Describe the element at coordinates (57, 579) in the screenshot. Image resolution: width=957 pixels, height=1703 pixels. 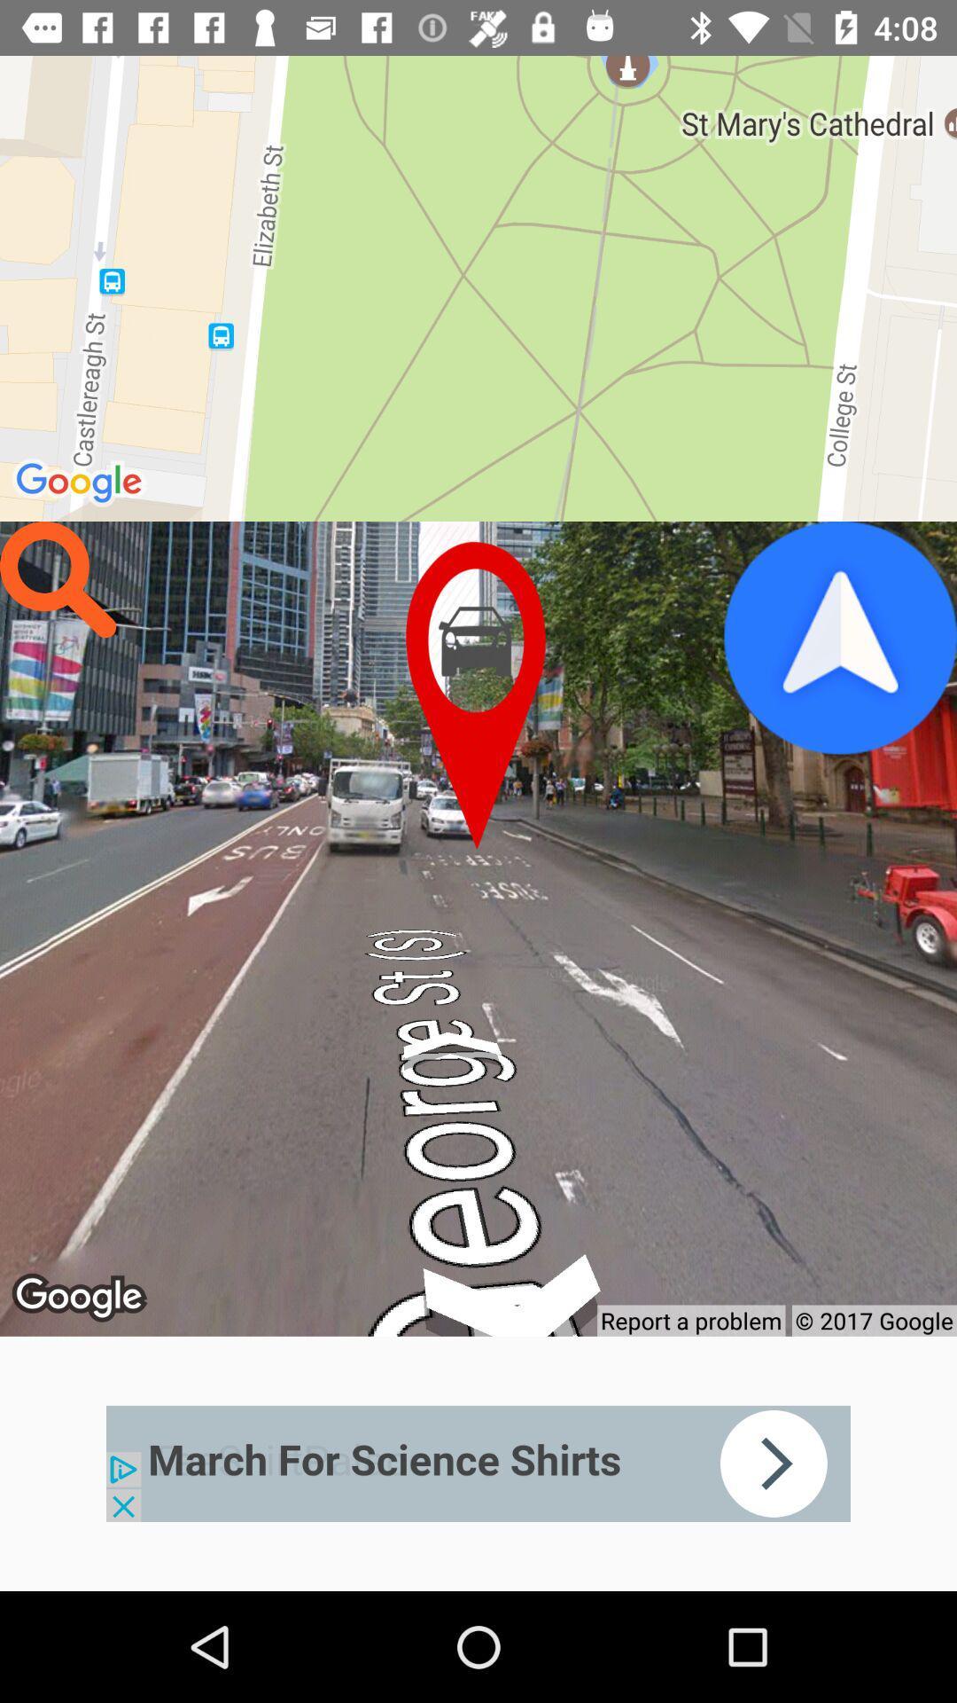
I see `search box` at that location.